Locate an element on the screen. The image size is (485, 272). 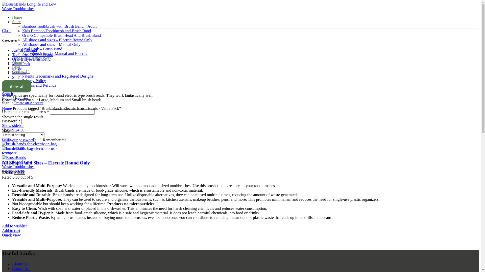
'Menu' is located at coordinates (7, 153).